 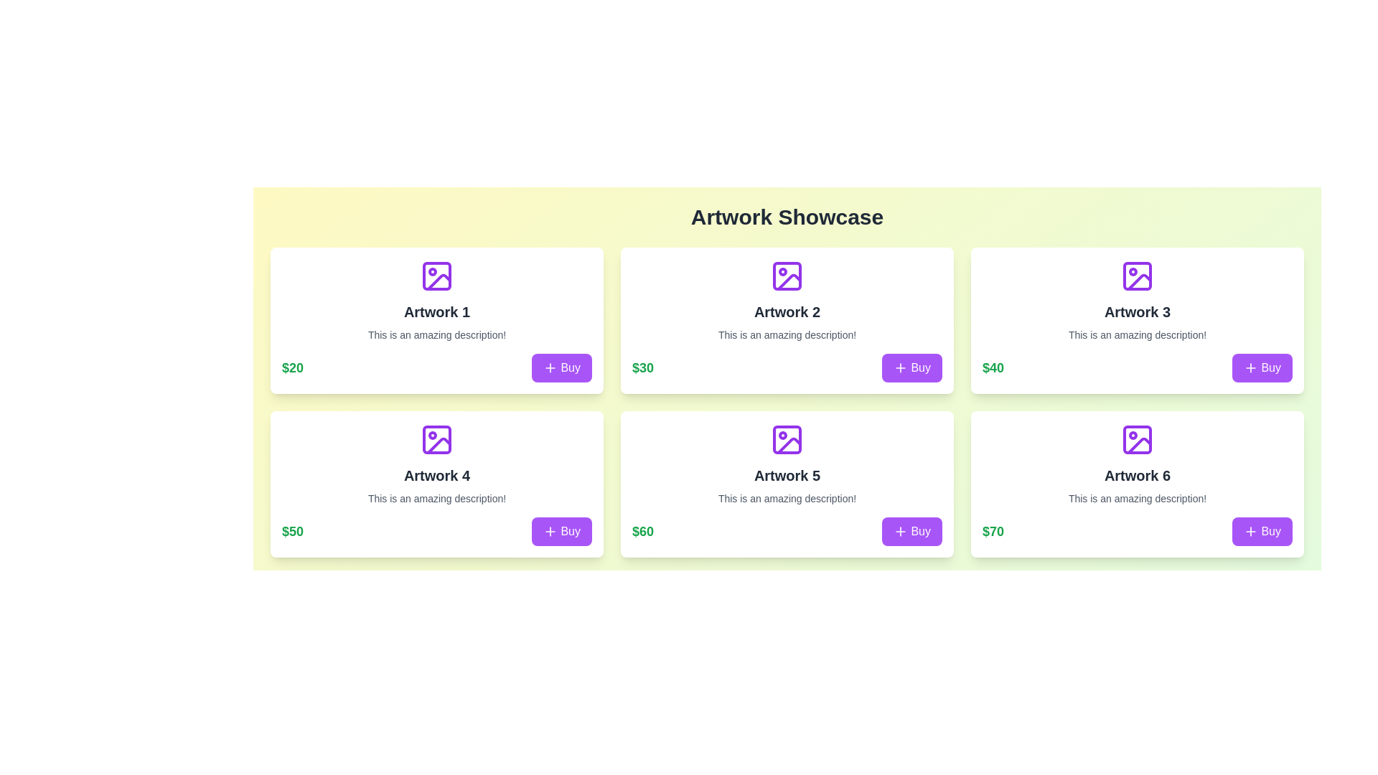 I want to click on the descriptive text label stating 'This is an amazing description!' located beneath the title of 'Artwork 5', so click(x=787, y=497).